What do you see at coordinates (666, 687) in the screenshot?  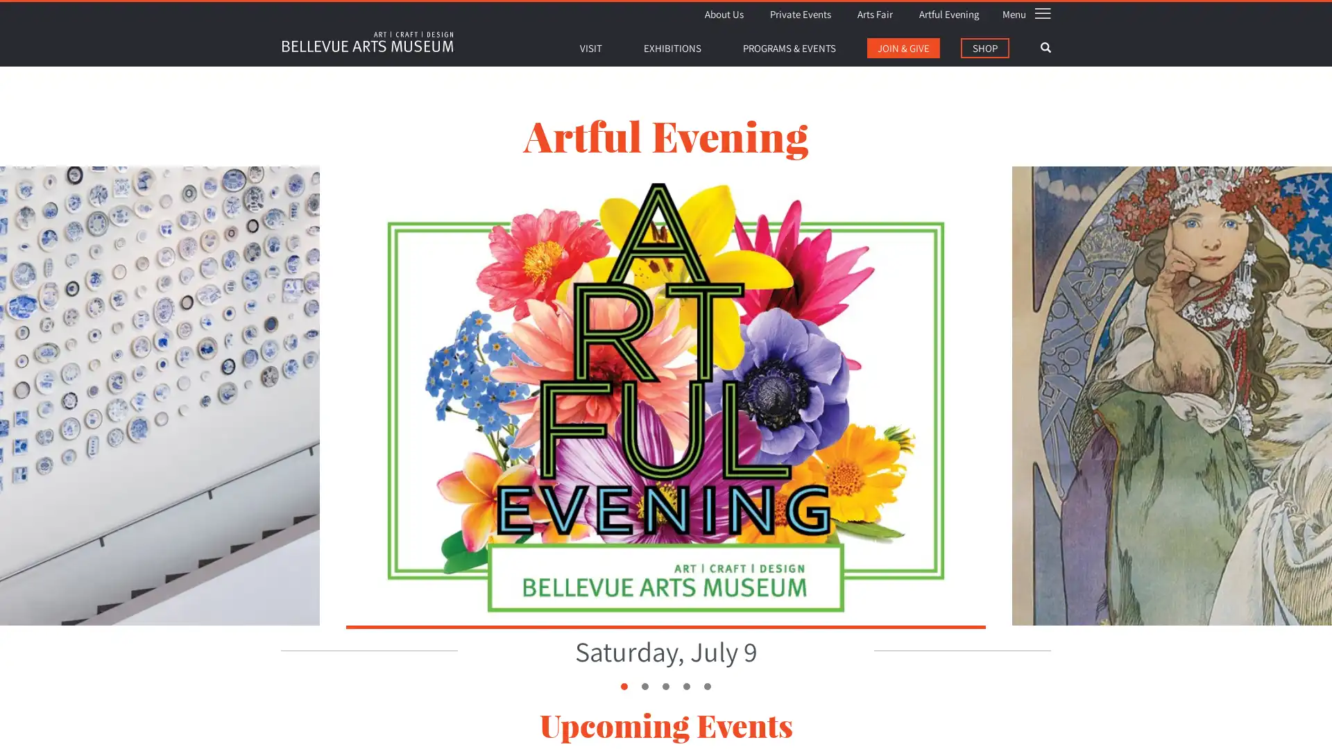 I see `3` at bounding box center [666, 687].